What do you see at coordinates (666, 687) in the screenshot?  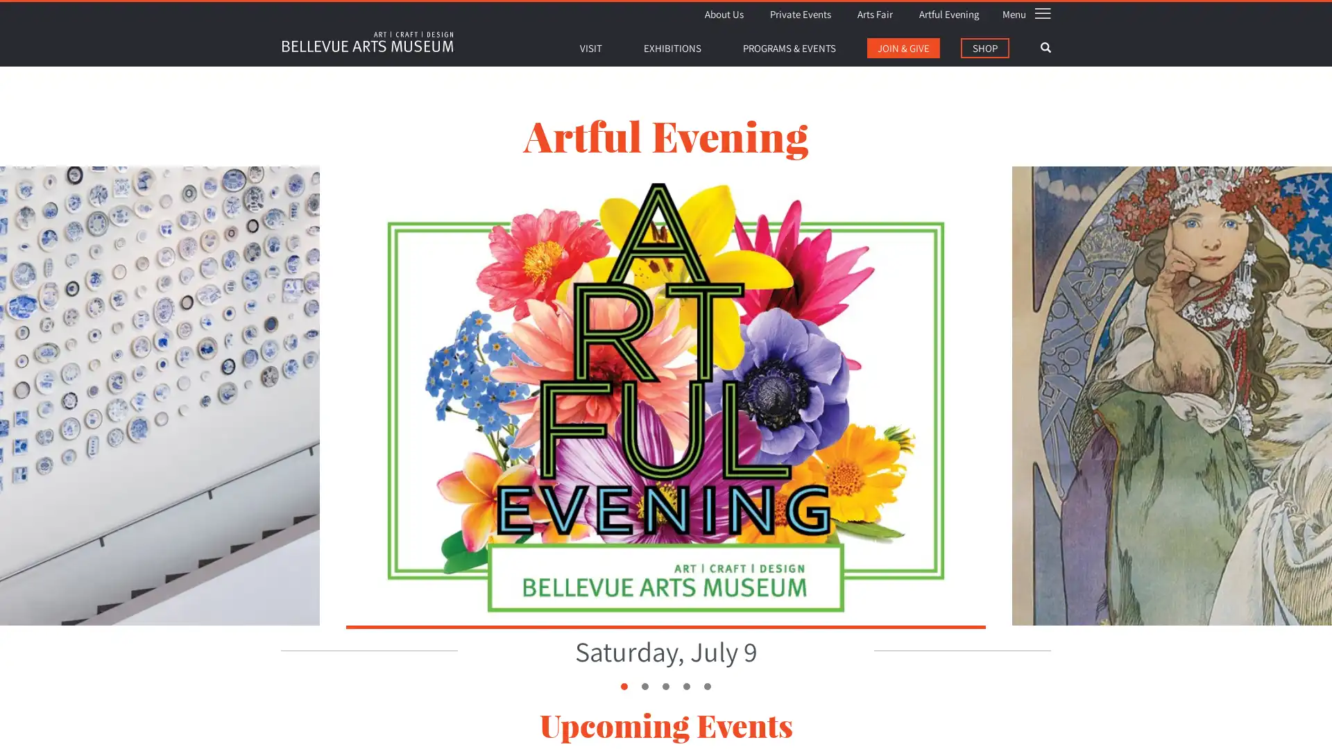 I see `3` at bounding box center [666, 687].